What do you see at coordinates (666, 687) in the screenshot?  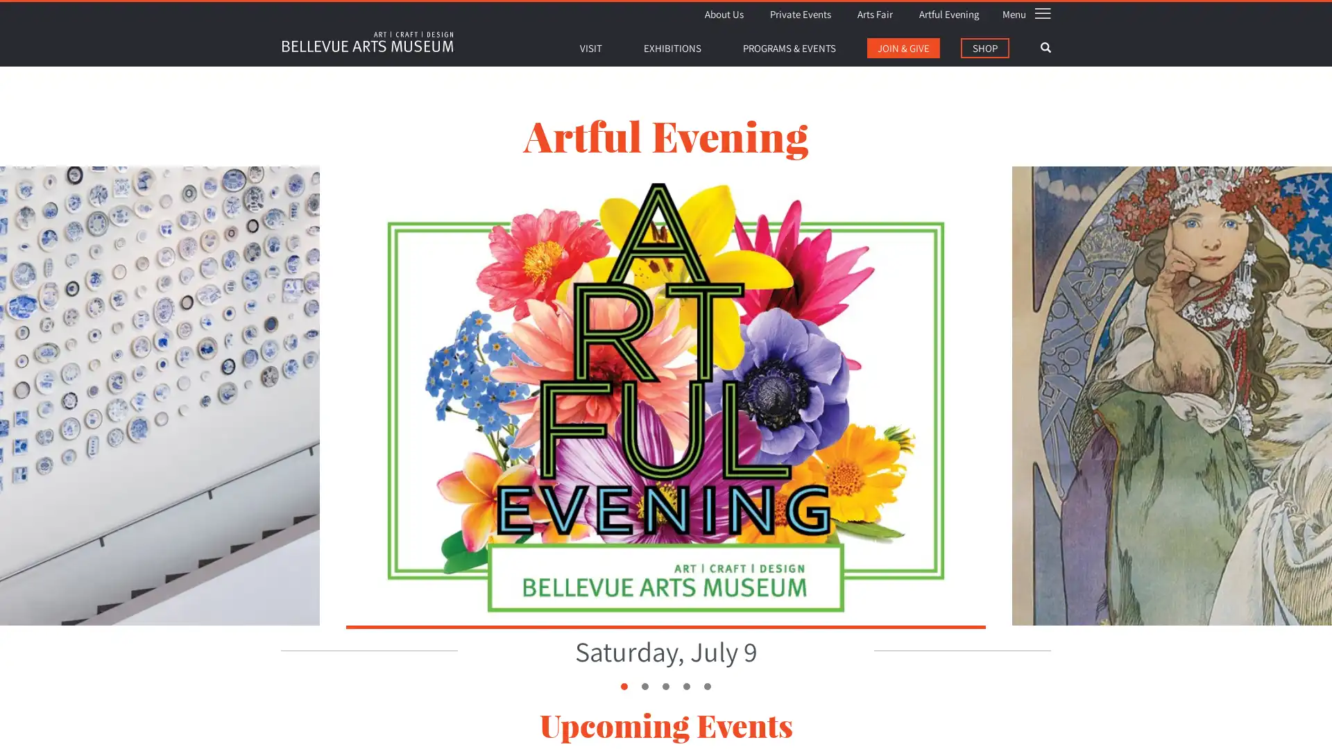 I see `3` at bounding box center [666, 687].